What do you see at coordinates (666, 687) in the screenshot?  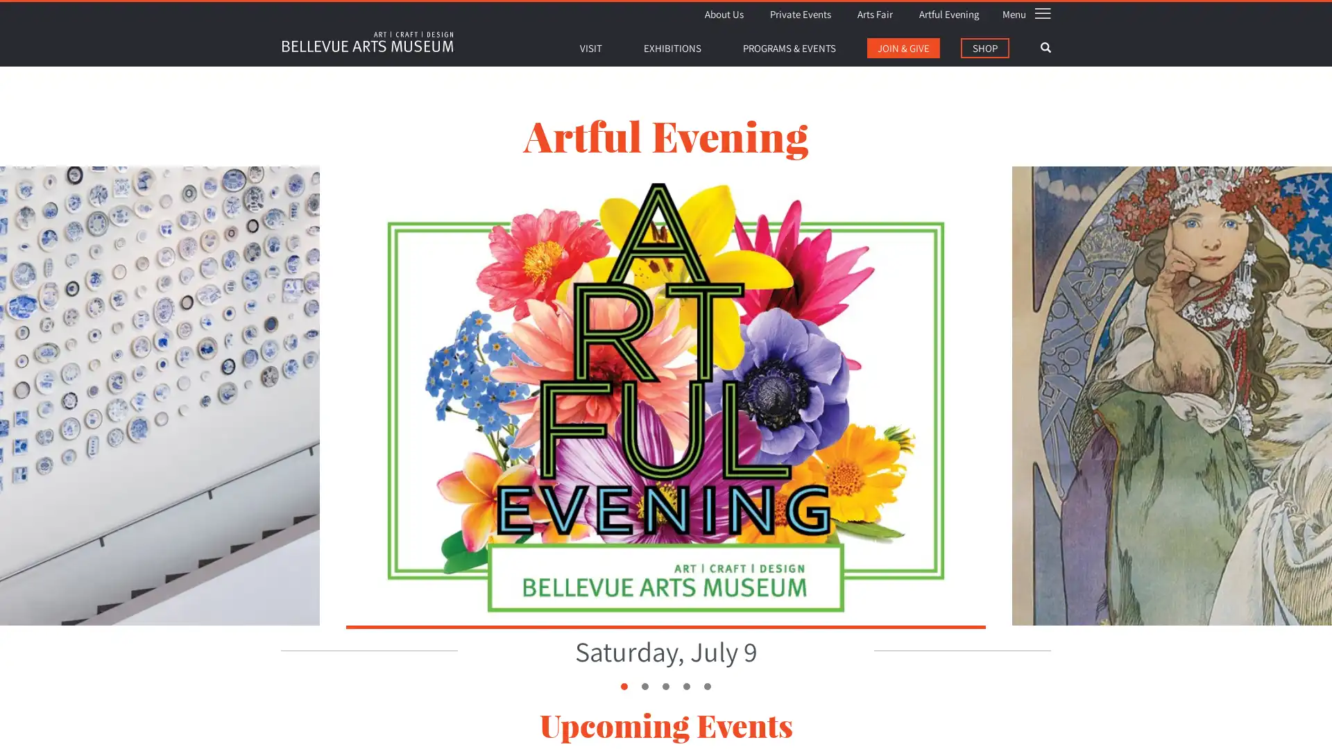 I see `3` at bounding box center [666, 687].